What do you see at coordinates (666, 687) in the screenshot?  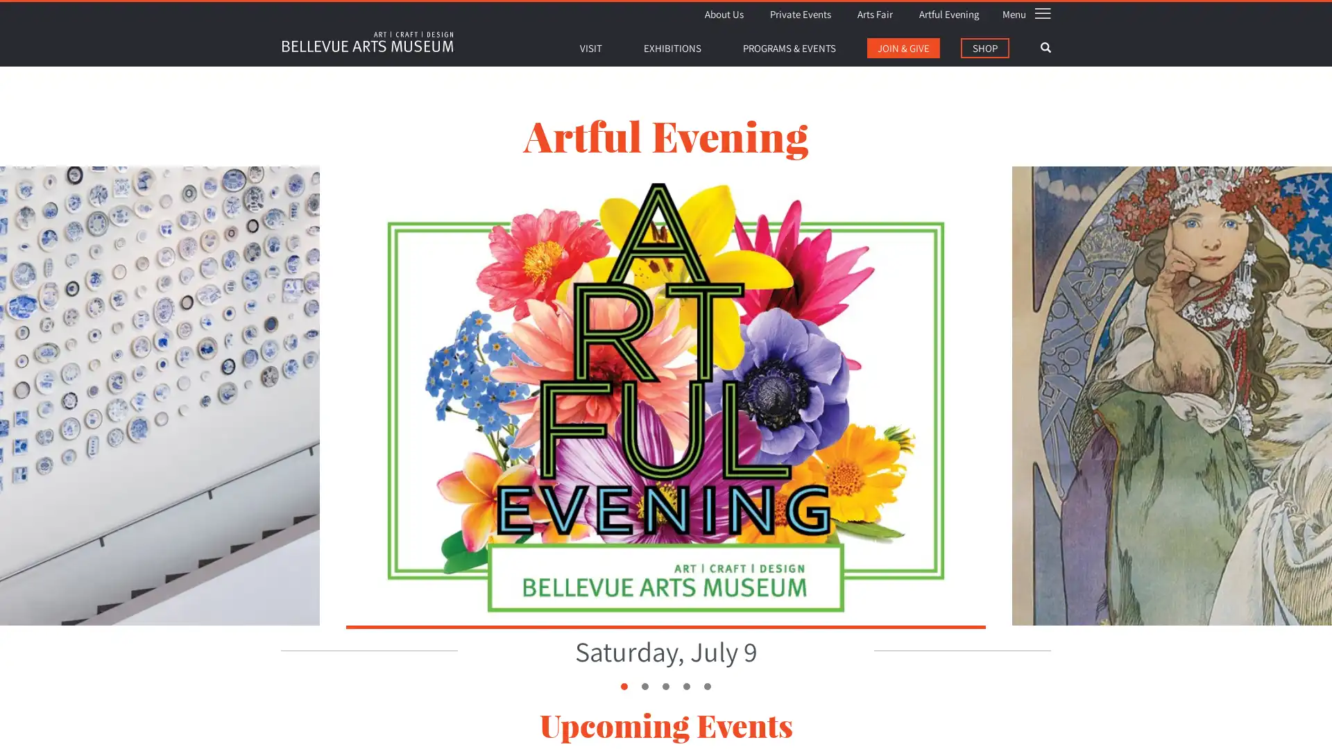 I see `3` at bounding box center [666, 687].